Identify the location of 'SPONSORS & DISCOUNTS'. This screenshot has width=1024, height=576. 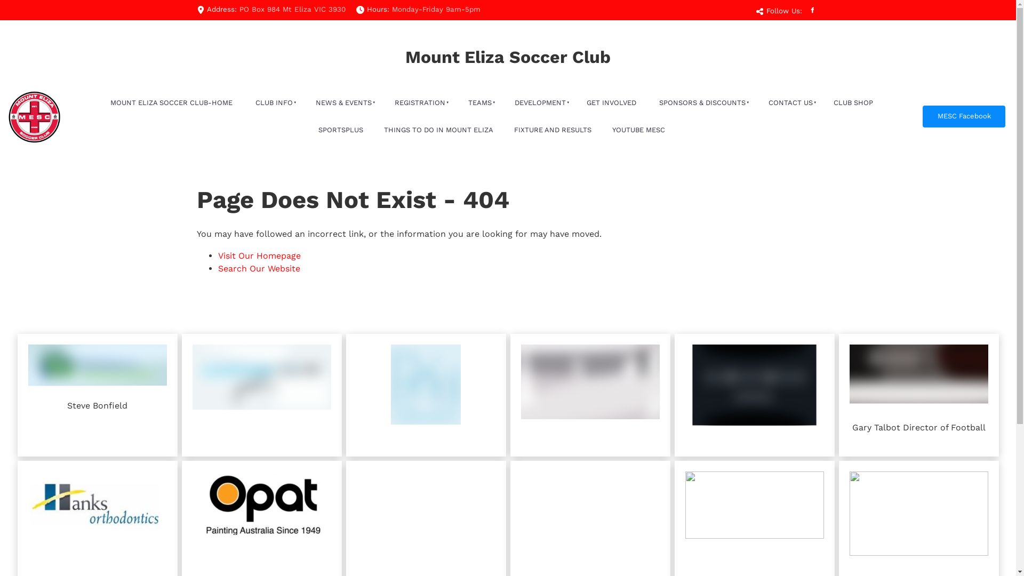
(701, 103).